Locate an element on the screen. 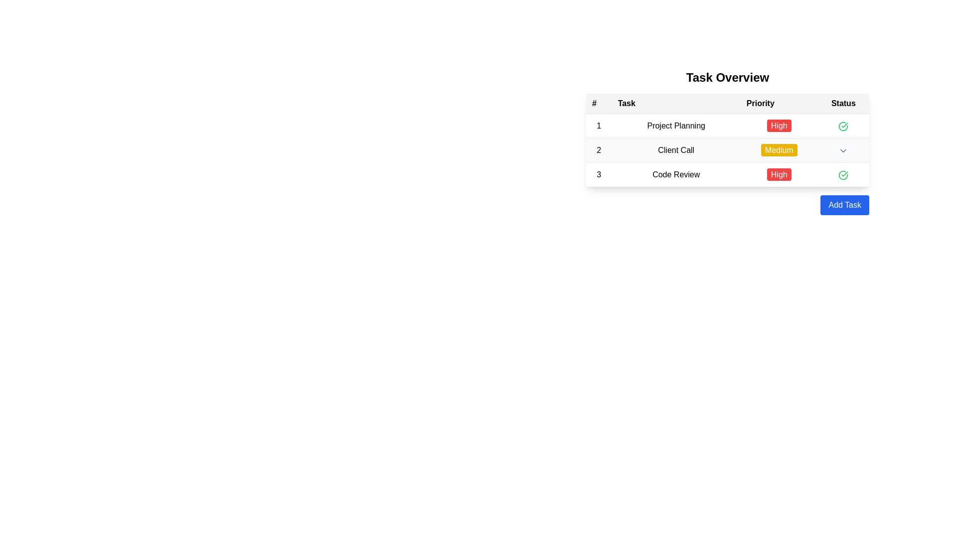 This screenshot has width=957, height=538. the text label in the second row of the 'Task' column in the task overview table, which is located between the cells displaying '2' and 'Medium' is located at coordinates (676, 150).